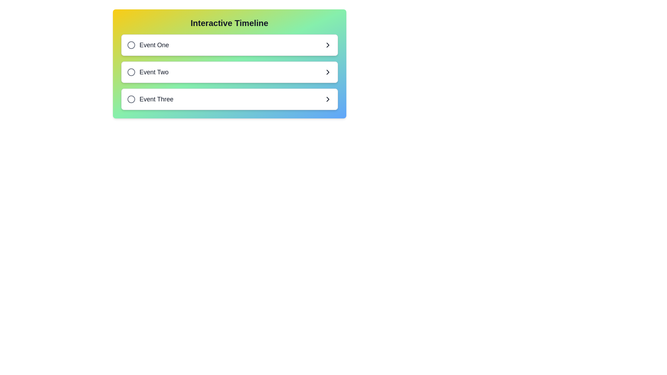  Describe the element at coordinates (150, 99) in the screenshot. I see `the event name 'Event Three' in the list of events` at that location.